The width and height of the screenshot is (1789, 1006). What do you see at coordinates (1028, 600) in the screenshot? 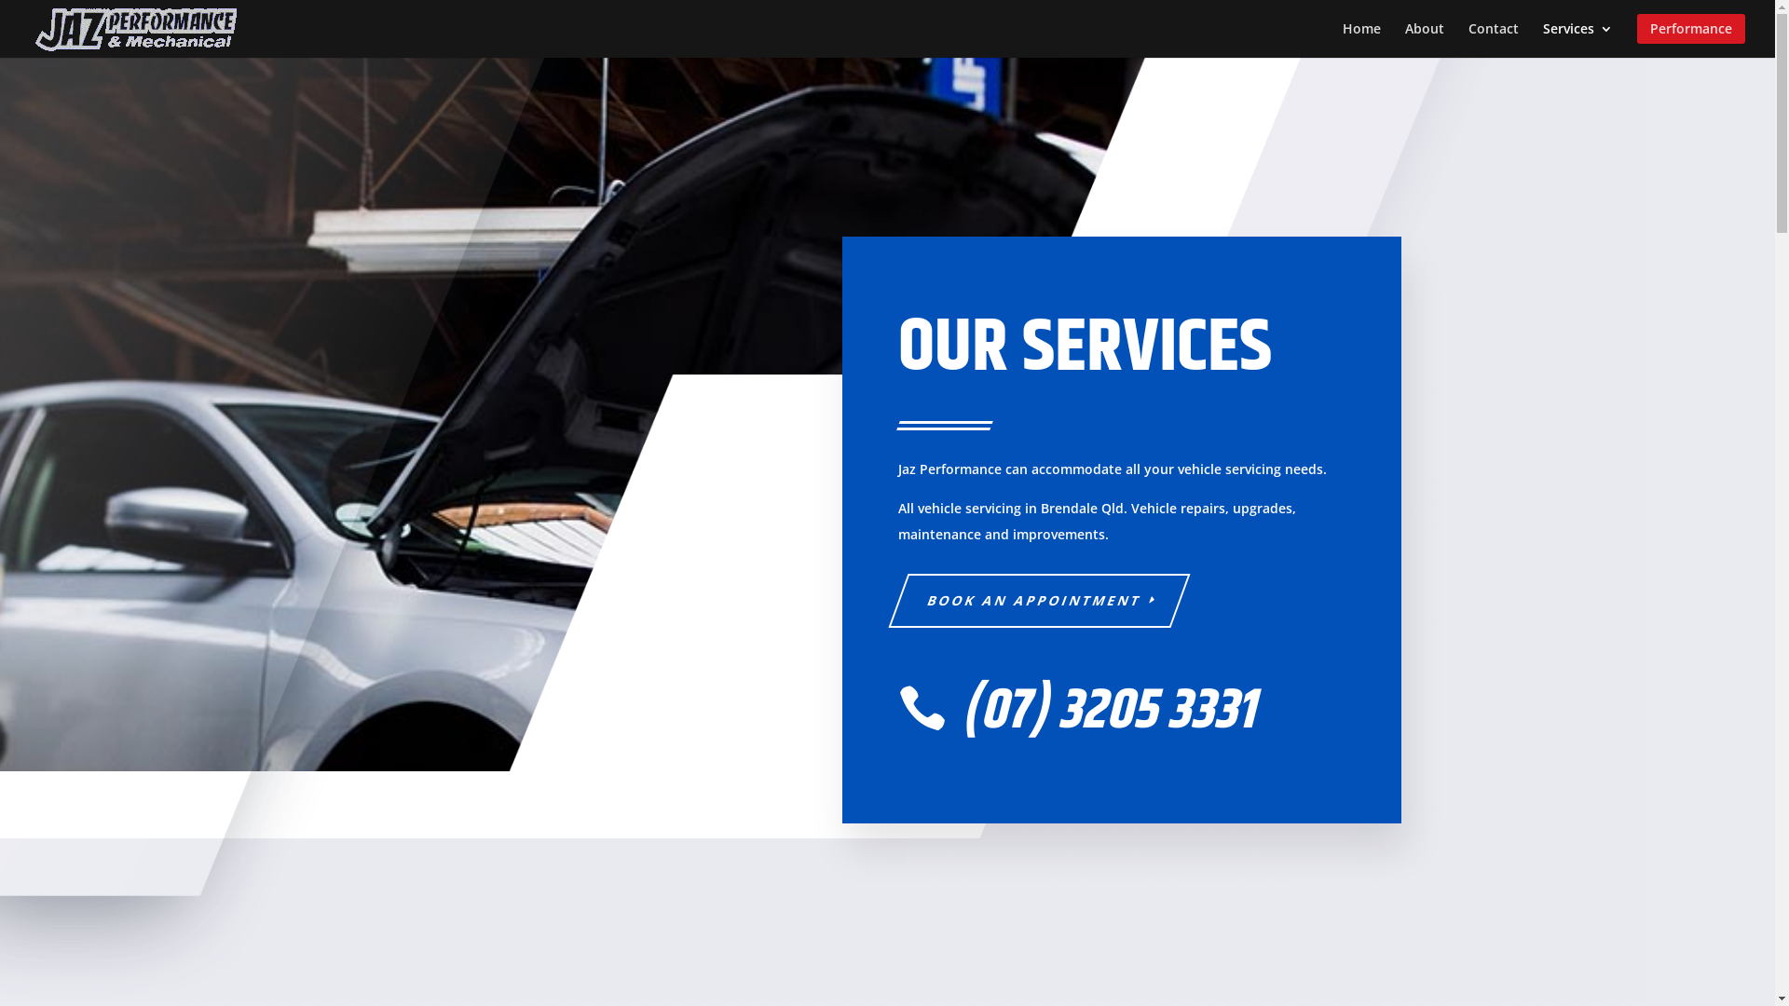
I see `'BOOK AN APPOINTMENT'` at bounding box center [1028, 600].